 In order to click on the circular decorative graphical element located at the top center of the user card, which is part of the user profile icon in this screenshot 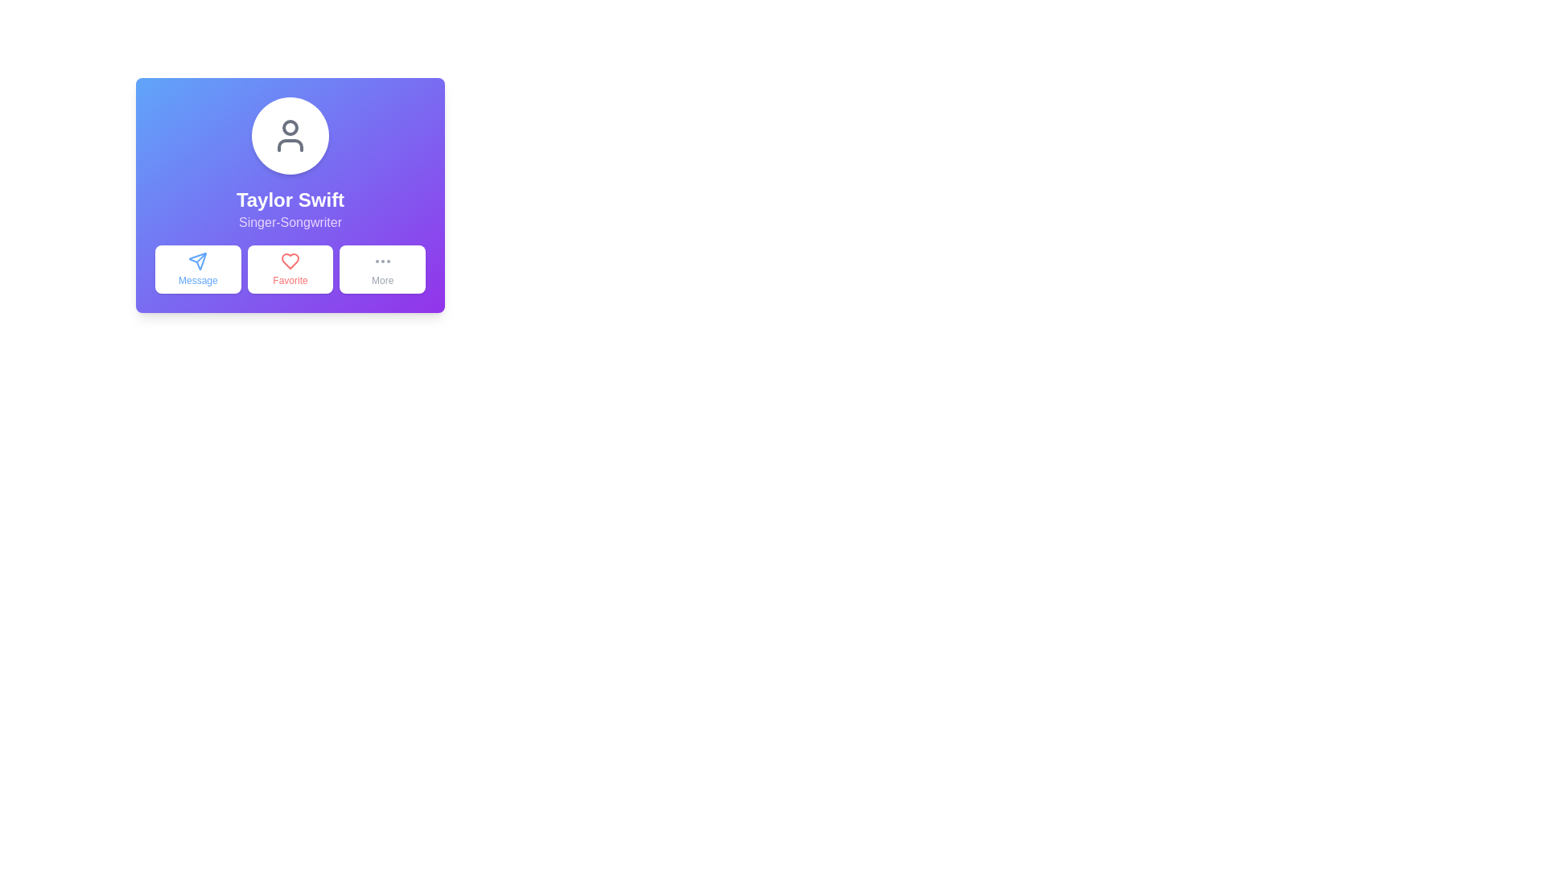, I will do `click(290, 126)`.